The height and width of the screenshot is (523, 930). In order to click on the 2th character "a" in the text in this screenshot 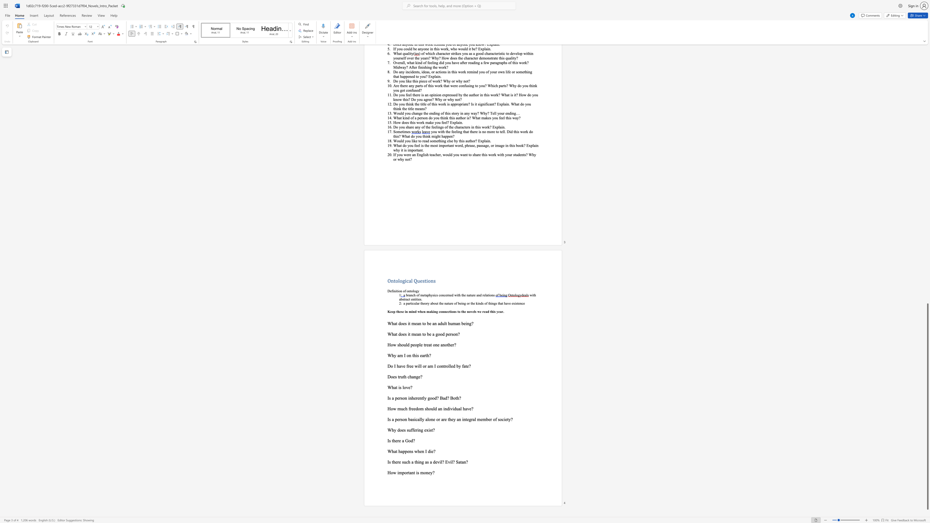, I will do `click(418, 334)`.